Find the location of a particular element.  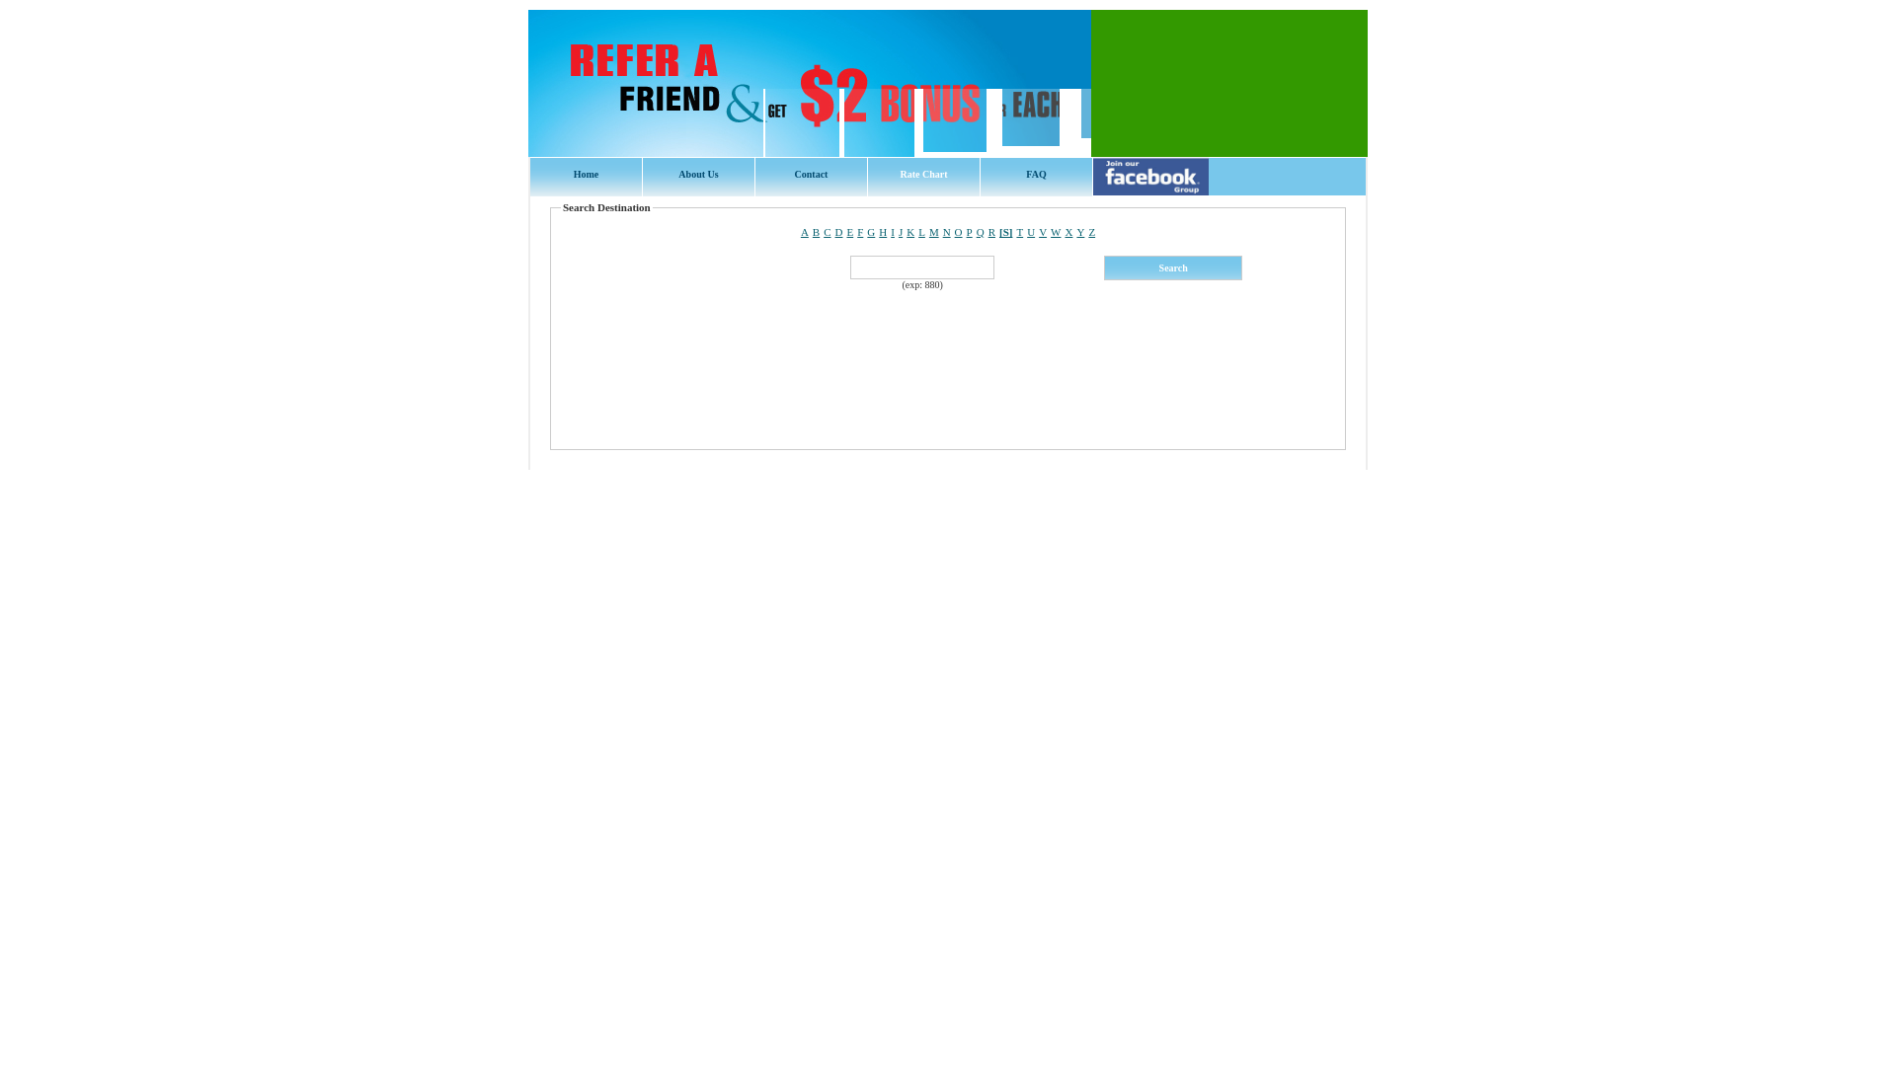

'N' is located at coordinates (946, 231).